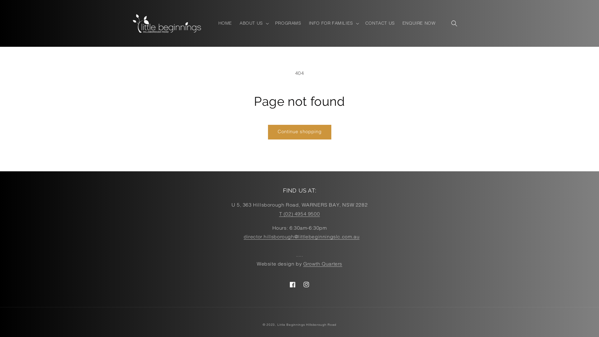 This screenshot has height=337, width=599. I want to click on 'Facebook', so click(285, 284).